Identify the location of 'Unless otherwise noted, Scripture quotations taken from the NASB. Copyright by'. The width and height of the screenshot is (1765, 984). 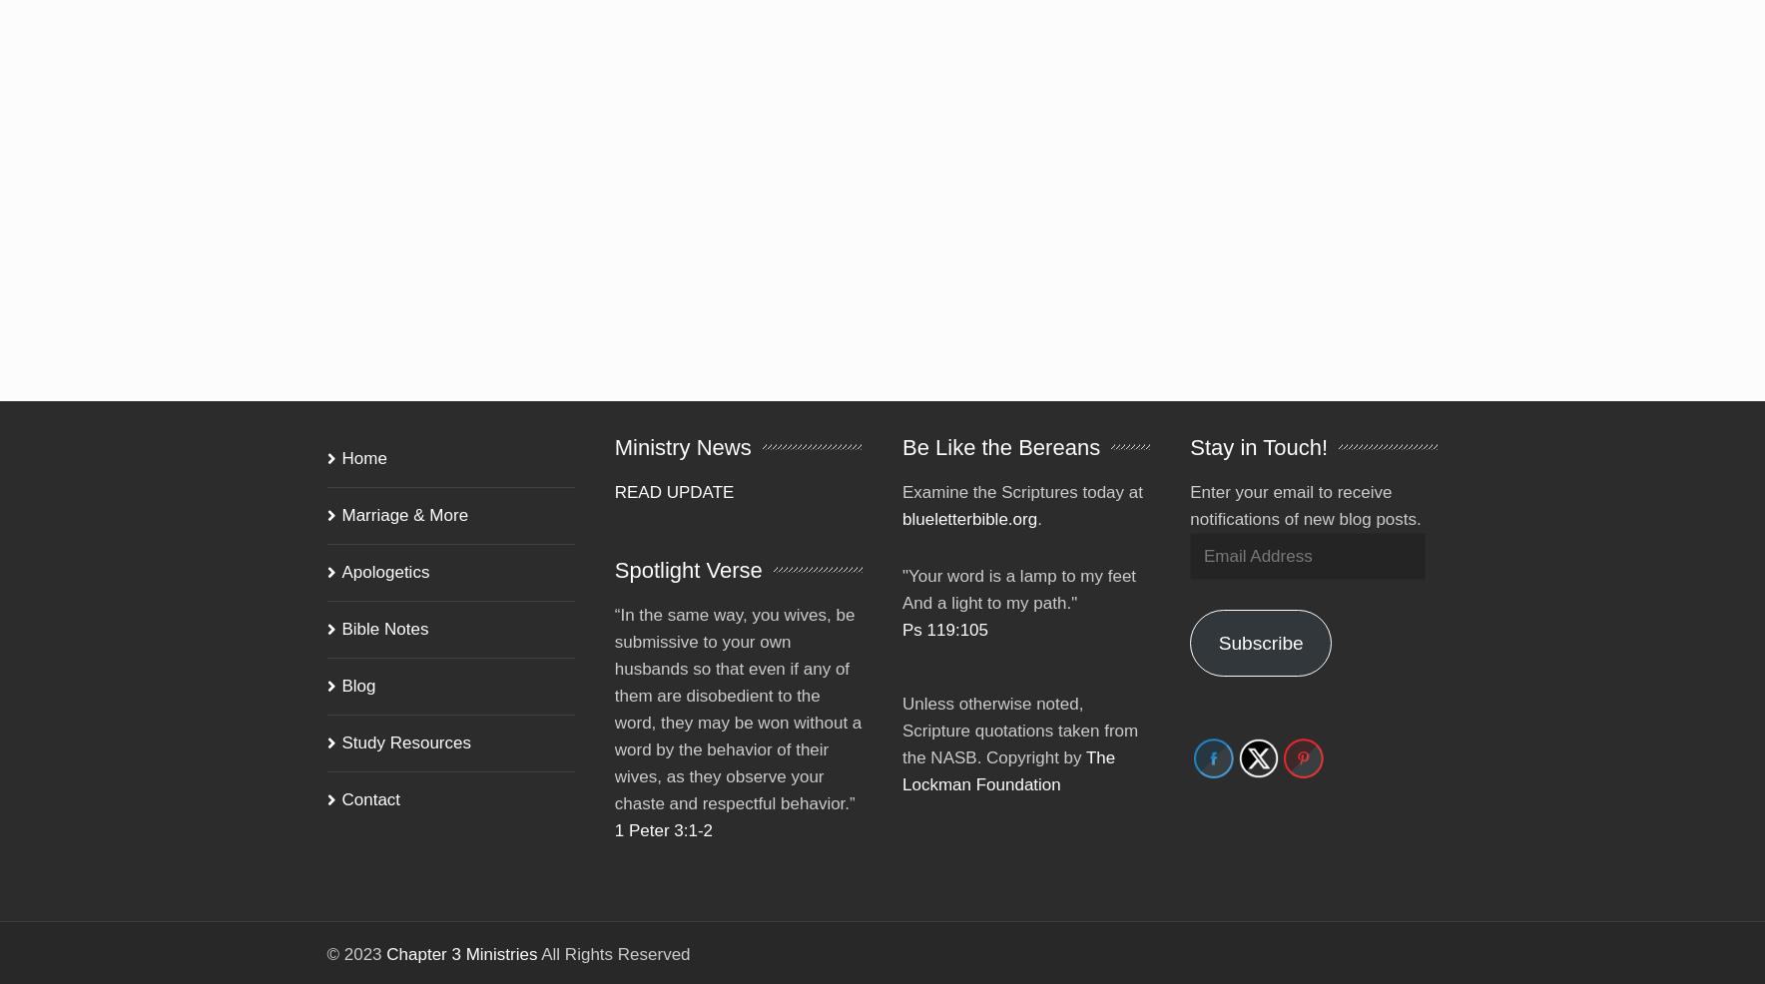
(1019, 703).